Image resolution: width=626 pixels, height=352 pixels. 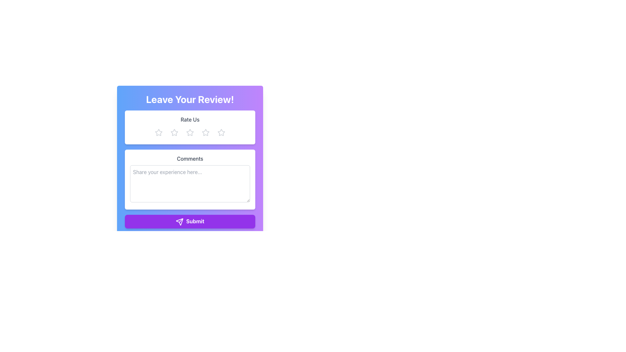 I want to click on the second star icon in the 'Rate Us' section, so click(x=189, y=132).